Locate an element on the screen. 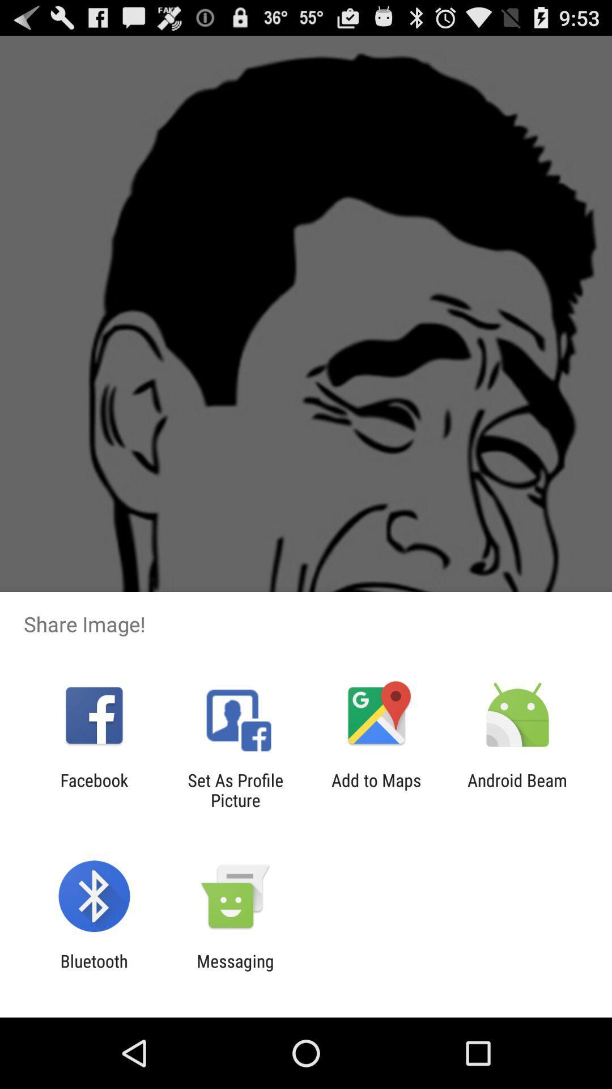 The height and width of the screenshot is (1089, 612). the bluetooth is located at coordinates (93, 970).